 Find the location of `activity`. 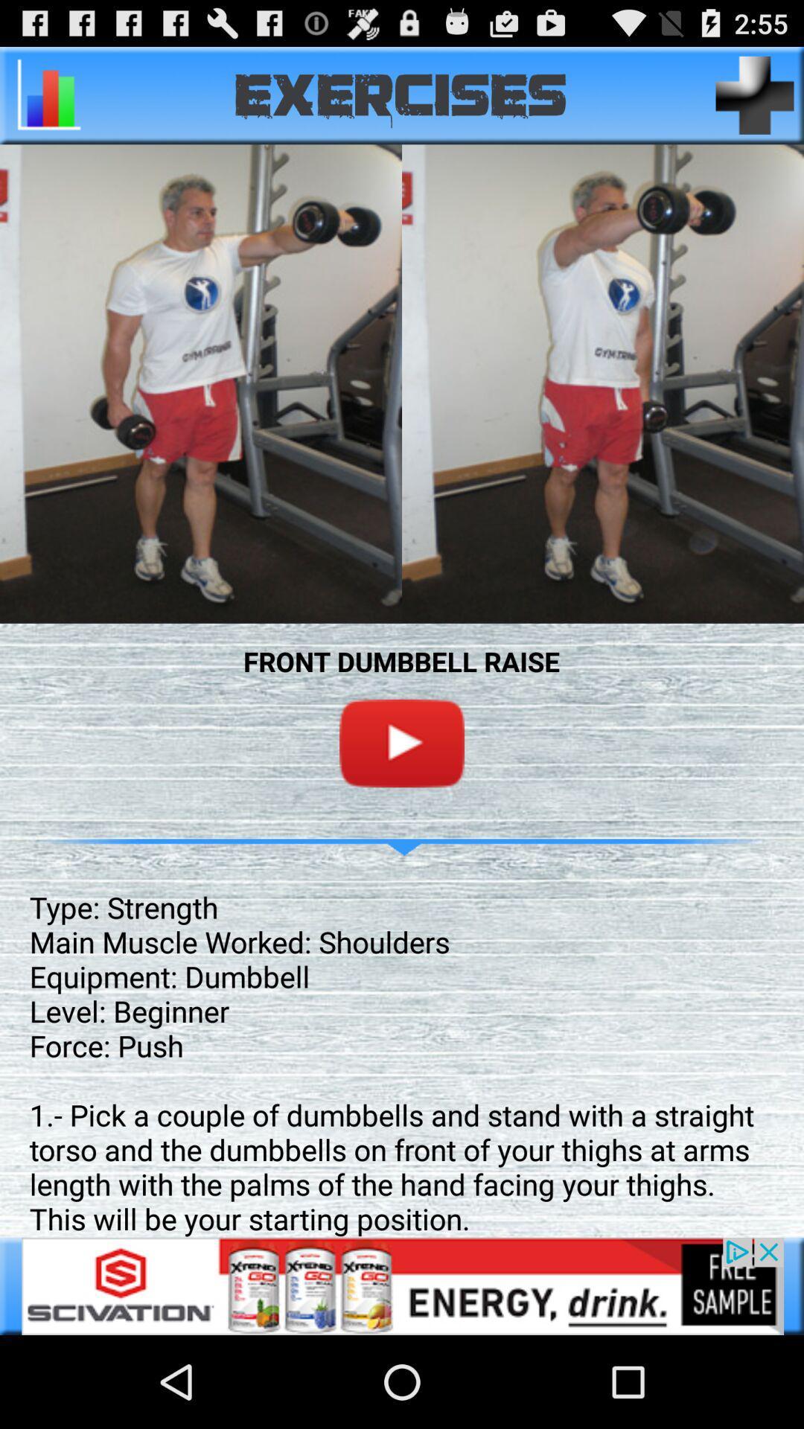

activity is located at coordinates (755, 95).